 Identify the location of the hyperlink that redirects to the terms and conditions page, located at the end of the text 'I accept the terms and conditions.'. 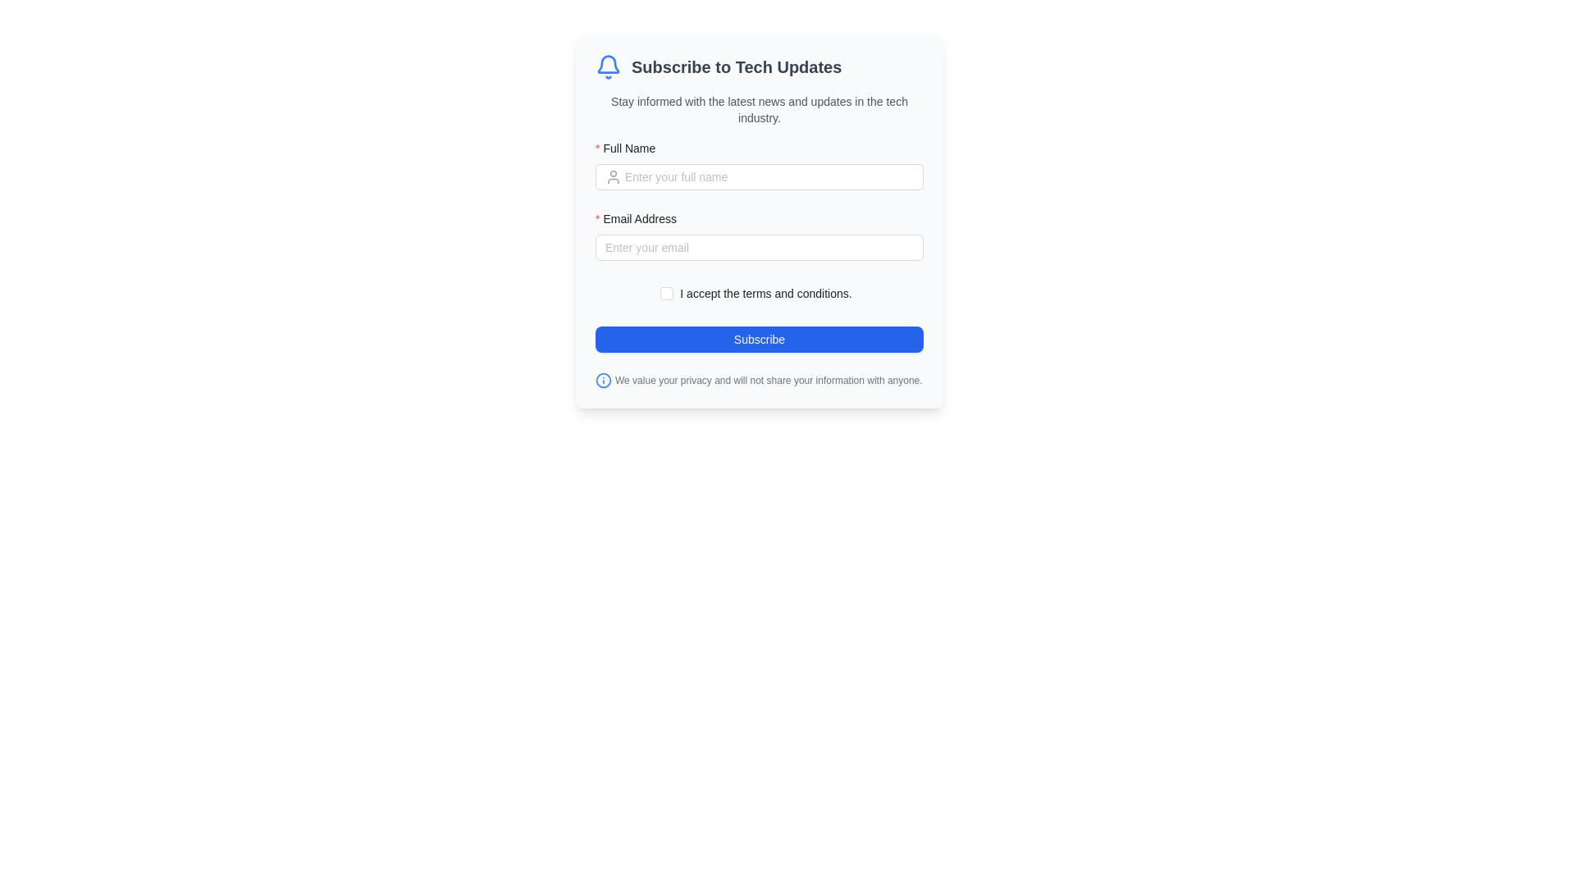
(796, 293).